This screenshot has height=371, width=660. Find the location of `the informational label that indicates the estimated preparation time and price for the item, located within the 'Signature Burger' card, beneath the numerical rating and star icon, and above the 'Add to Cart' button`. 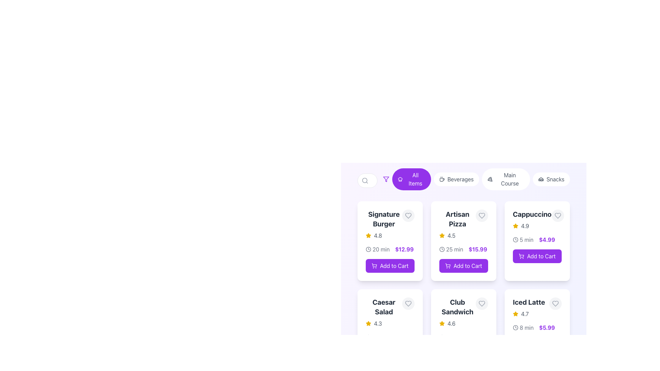

the informational label that indicates the estimated preparation time and price for the item, located within the 'Signature Burger' card, beneath the numerical rating and star icon, and above the 'Add to Cart' button is located at coordinates (390, 249).